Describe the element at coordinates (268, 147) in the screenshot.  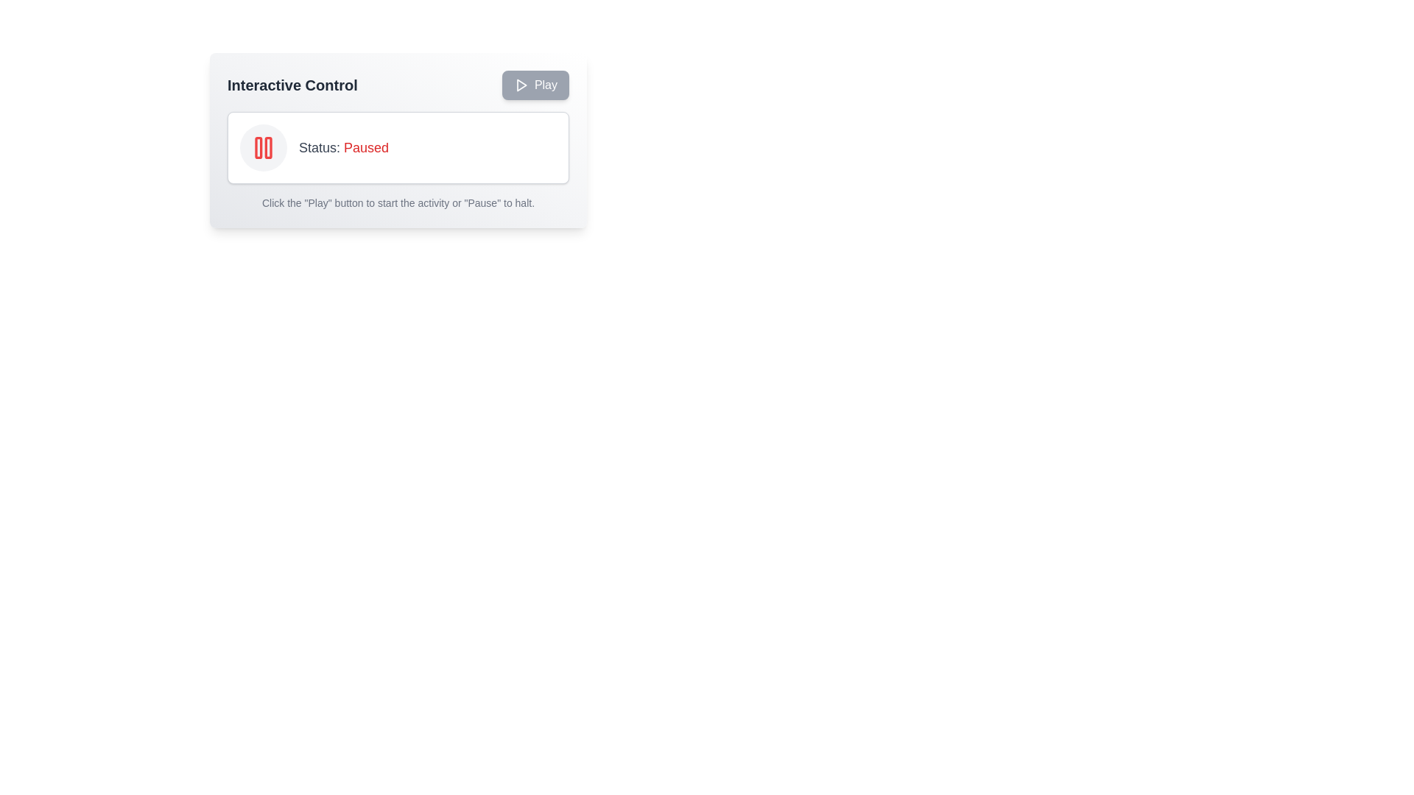
I see `the second rectangle (right bar) of the pause icon, which is red with rounded corners and located in the top-left segment of the UI near the 'Status: Paused' text` at that location.